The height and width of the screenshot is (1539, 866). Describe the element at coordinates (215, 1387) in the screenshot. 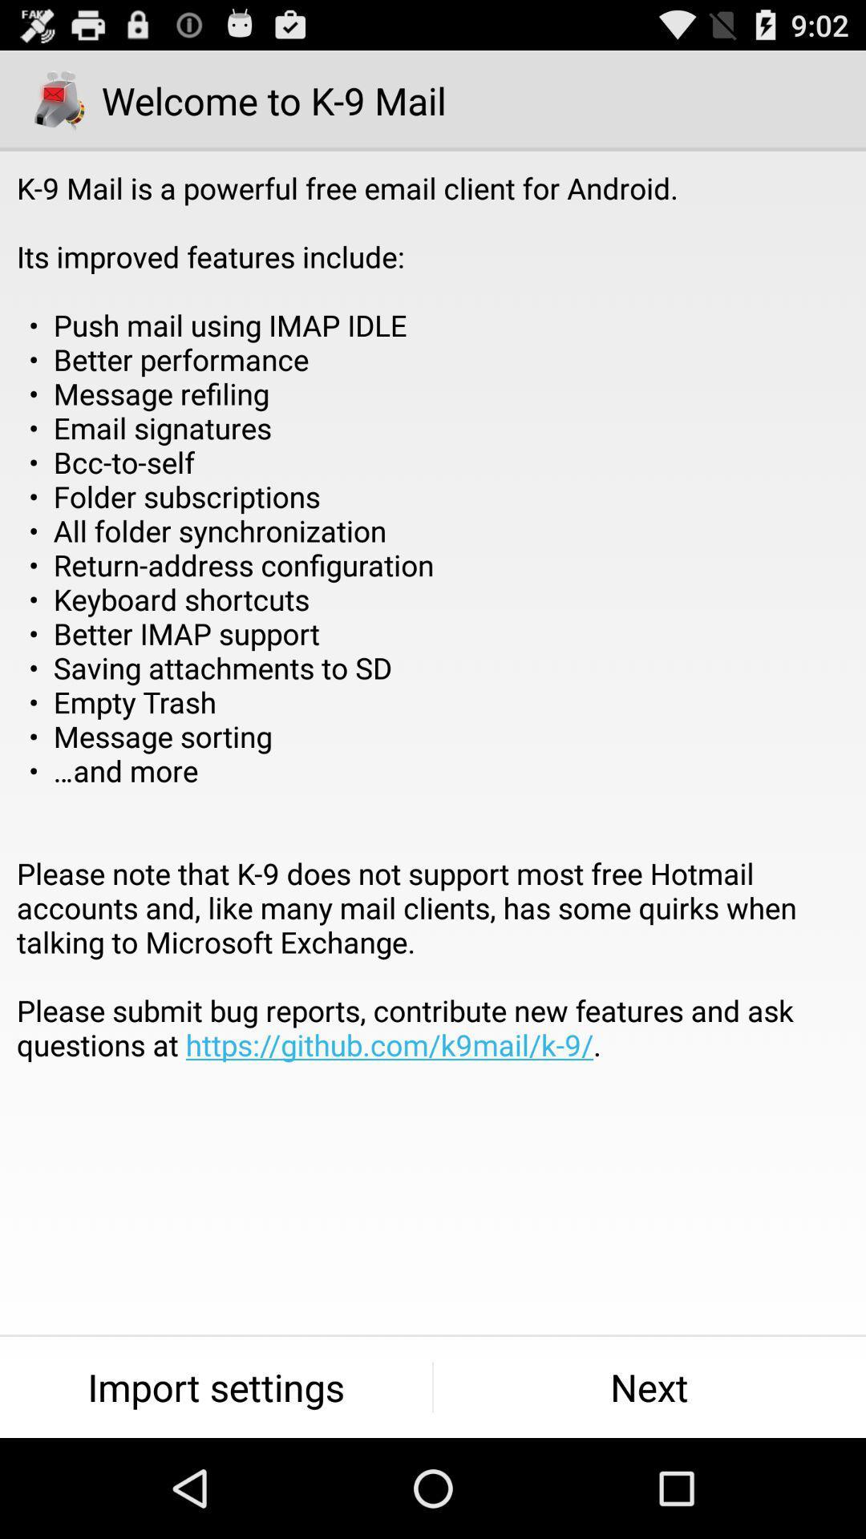

I see `the button to the left of next item` at that location.